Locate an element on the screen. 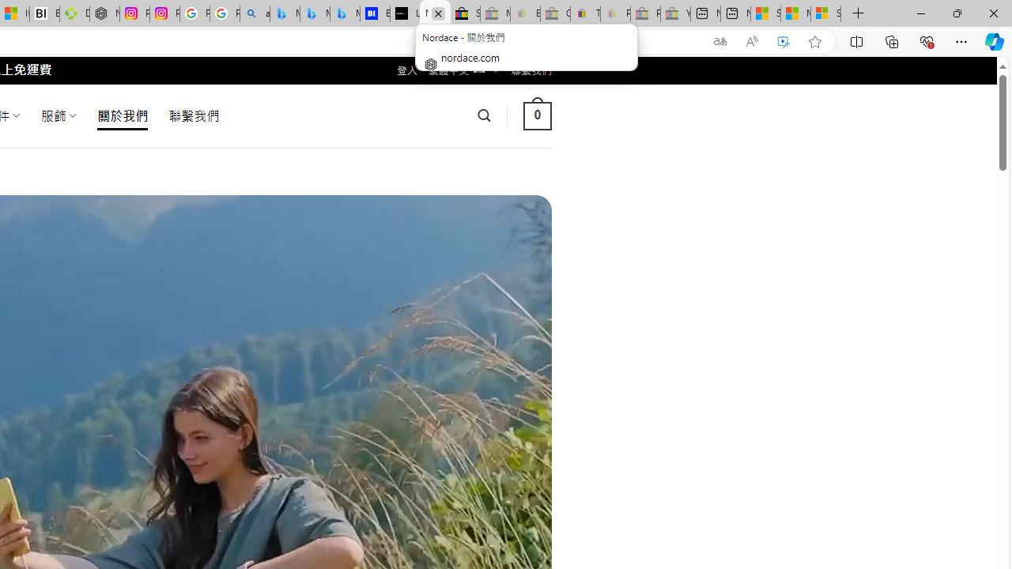 This screenshot has width=1012, height=569. 'Show translate options' is located at coordinates (719, 41).